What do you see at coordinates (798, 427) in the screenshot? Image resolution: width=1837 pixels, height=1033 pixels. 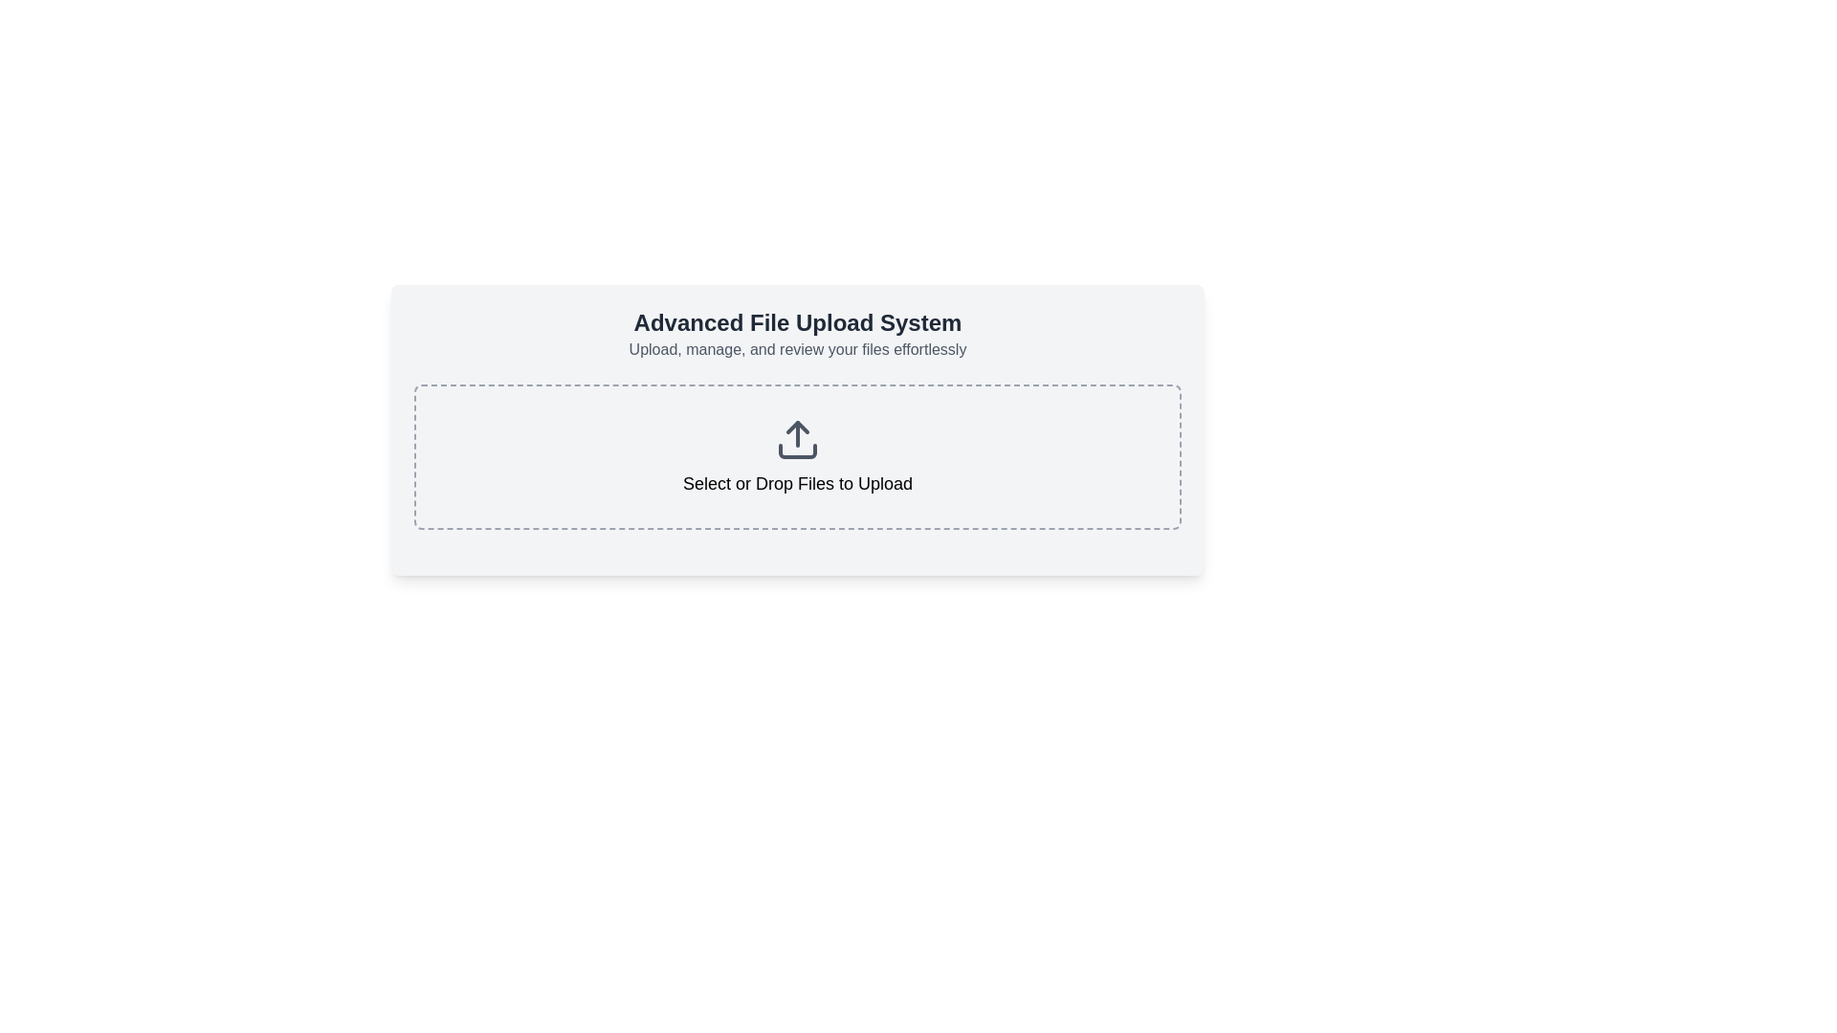 I see `the upload icon fragment, which symbolizes the action of uploading and is located at the center of the upload area` at bounding box center [798, 427].